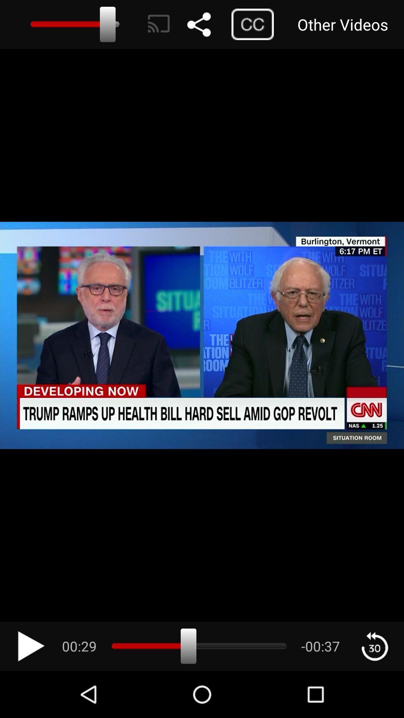 This screenshot has height=718, width=404. Describe the element at coordinates (207, 24) in the screenshot. I see `the share icon` at that location.